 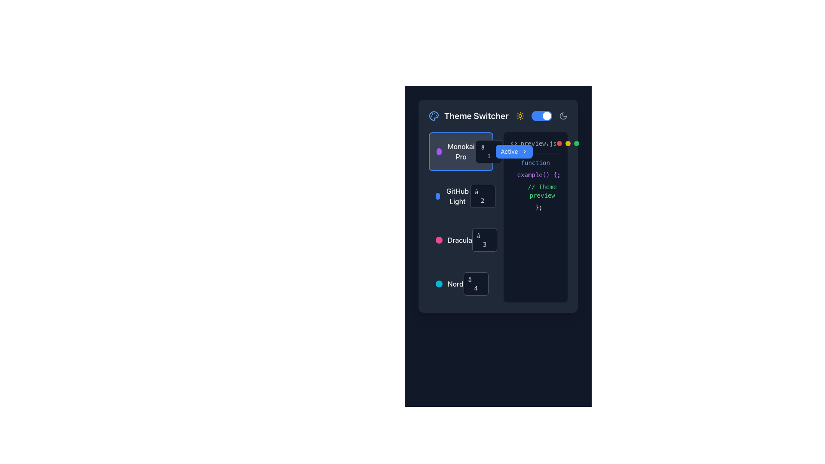 I want to click on the 'GitHub Light' button, which is a rectangular button with rounded corners and a lighter gray background, so click(x=460, y=196).